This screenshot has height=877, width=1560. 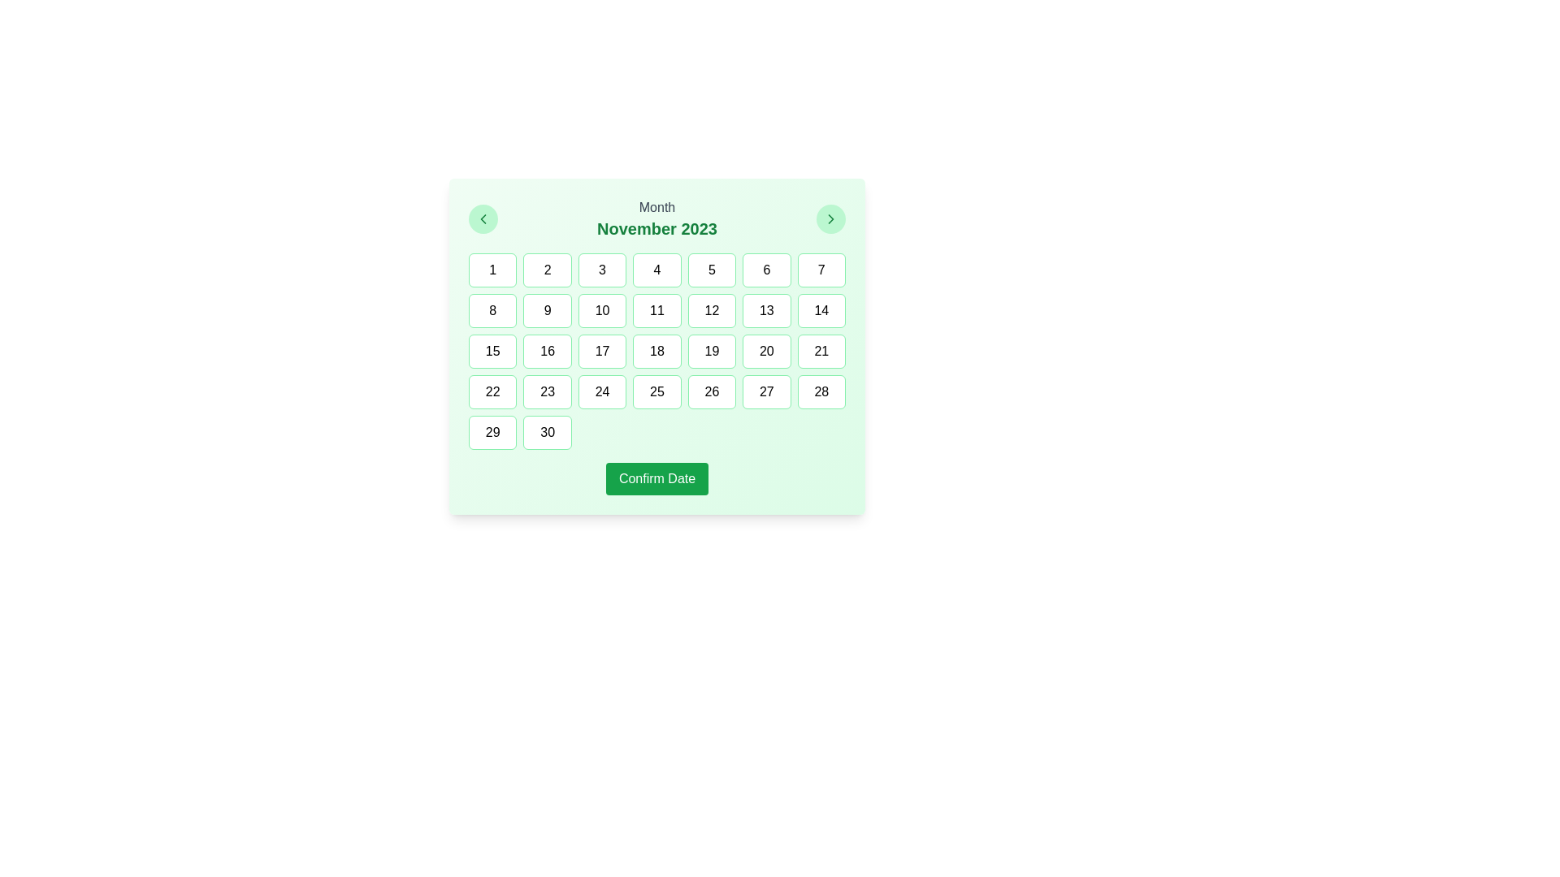 I want to click on the left-pointing chevron icon with a green stroke, indicating 'previous' functionality, located in the top-left corner of the calendar interface, so click(x=483, y=219).